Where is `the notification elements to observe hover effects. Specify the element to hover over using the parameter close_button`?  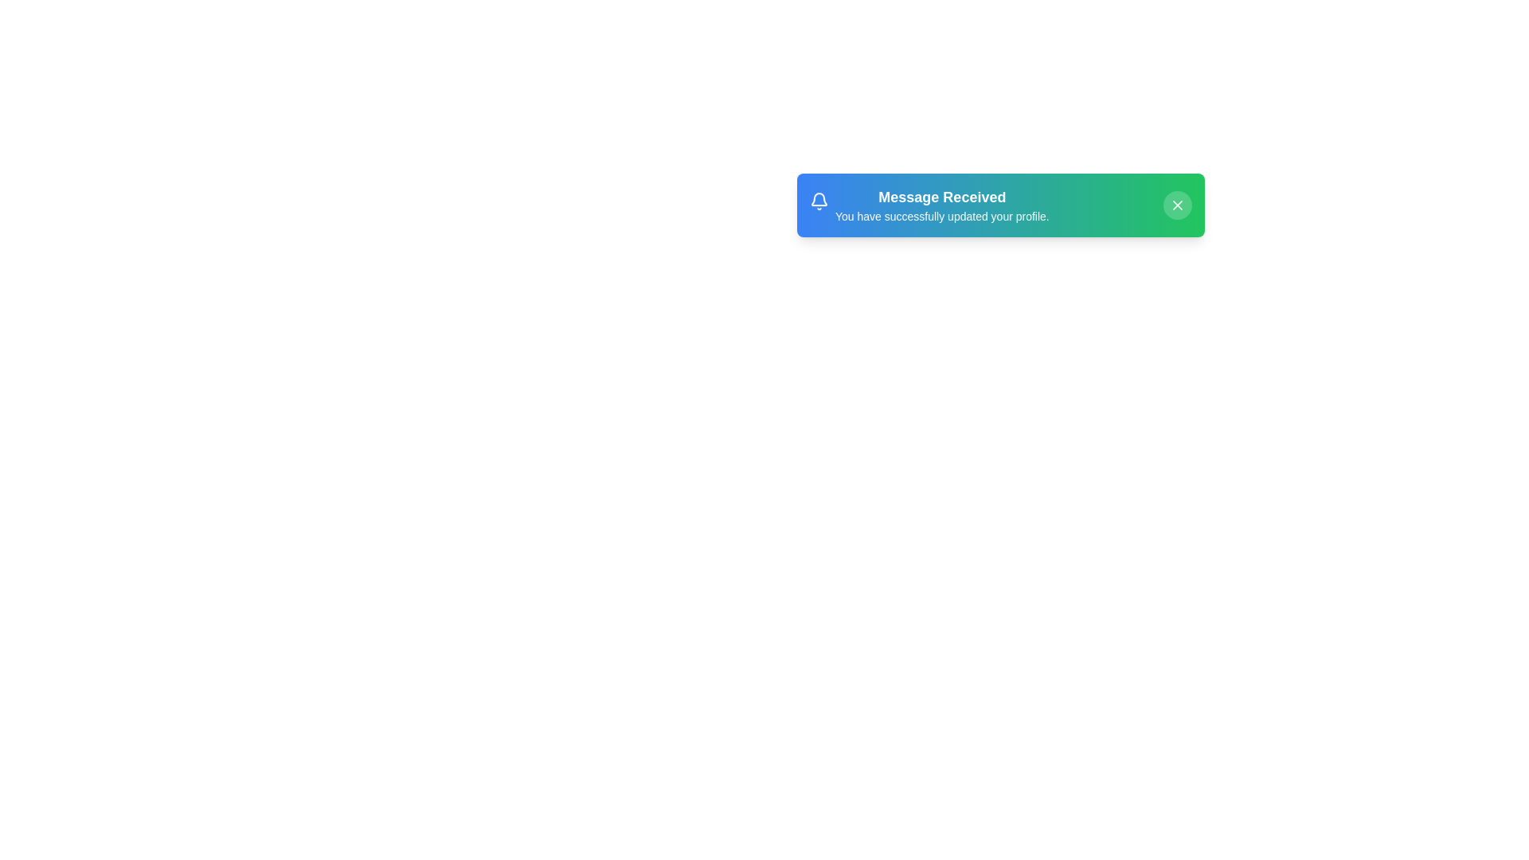
the notification elements to observe hover effects. Specify the element to hover over using the parameter close_button is located at coordinates (1177, 205).